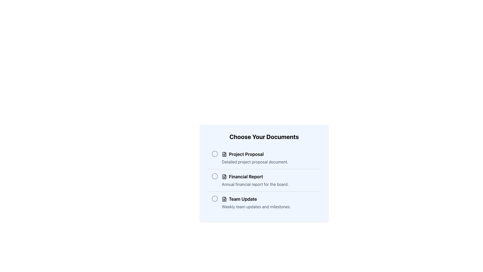 The height and width of the screenshot is (272, 483). What do you see at coordinates (264, 202) in the screenshot?
I see `the radio button labeled 'Team Update'` at bounding box center [264, 202].